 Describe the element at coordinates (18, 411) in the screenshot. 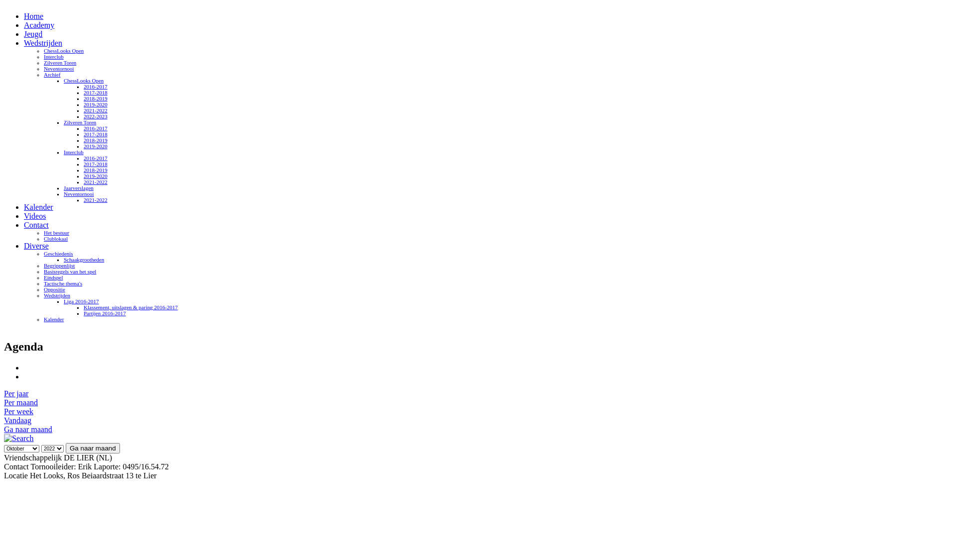

I see `'Per week'` at that location.